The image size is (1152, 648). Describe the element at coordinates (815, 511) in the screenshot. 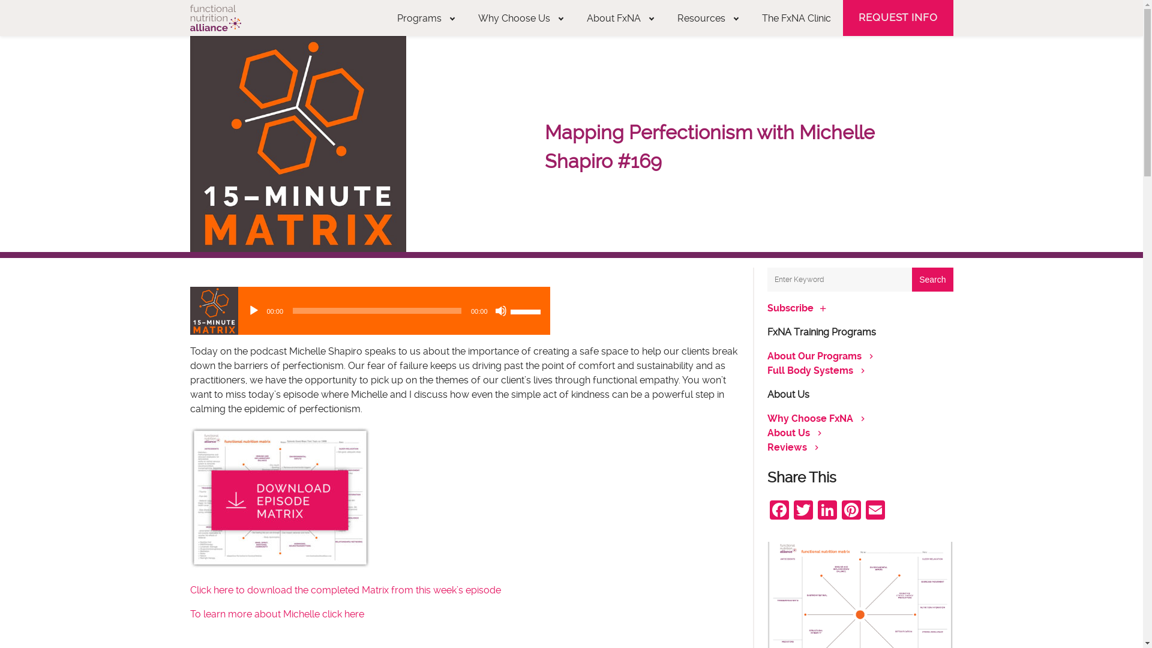

I see `'LinkedIn'` at that location.